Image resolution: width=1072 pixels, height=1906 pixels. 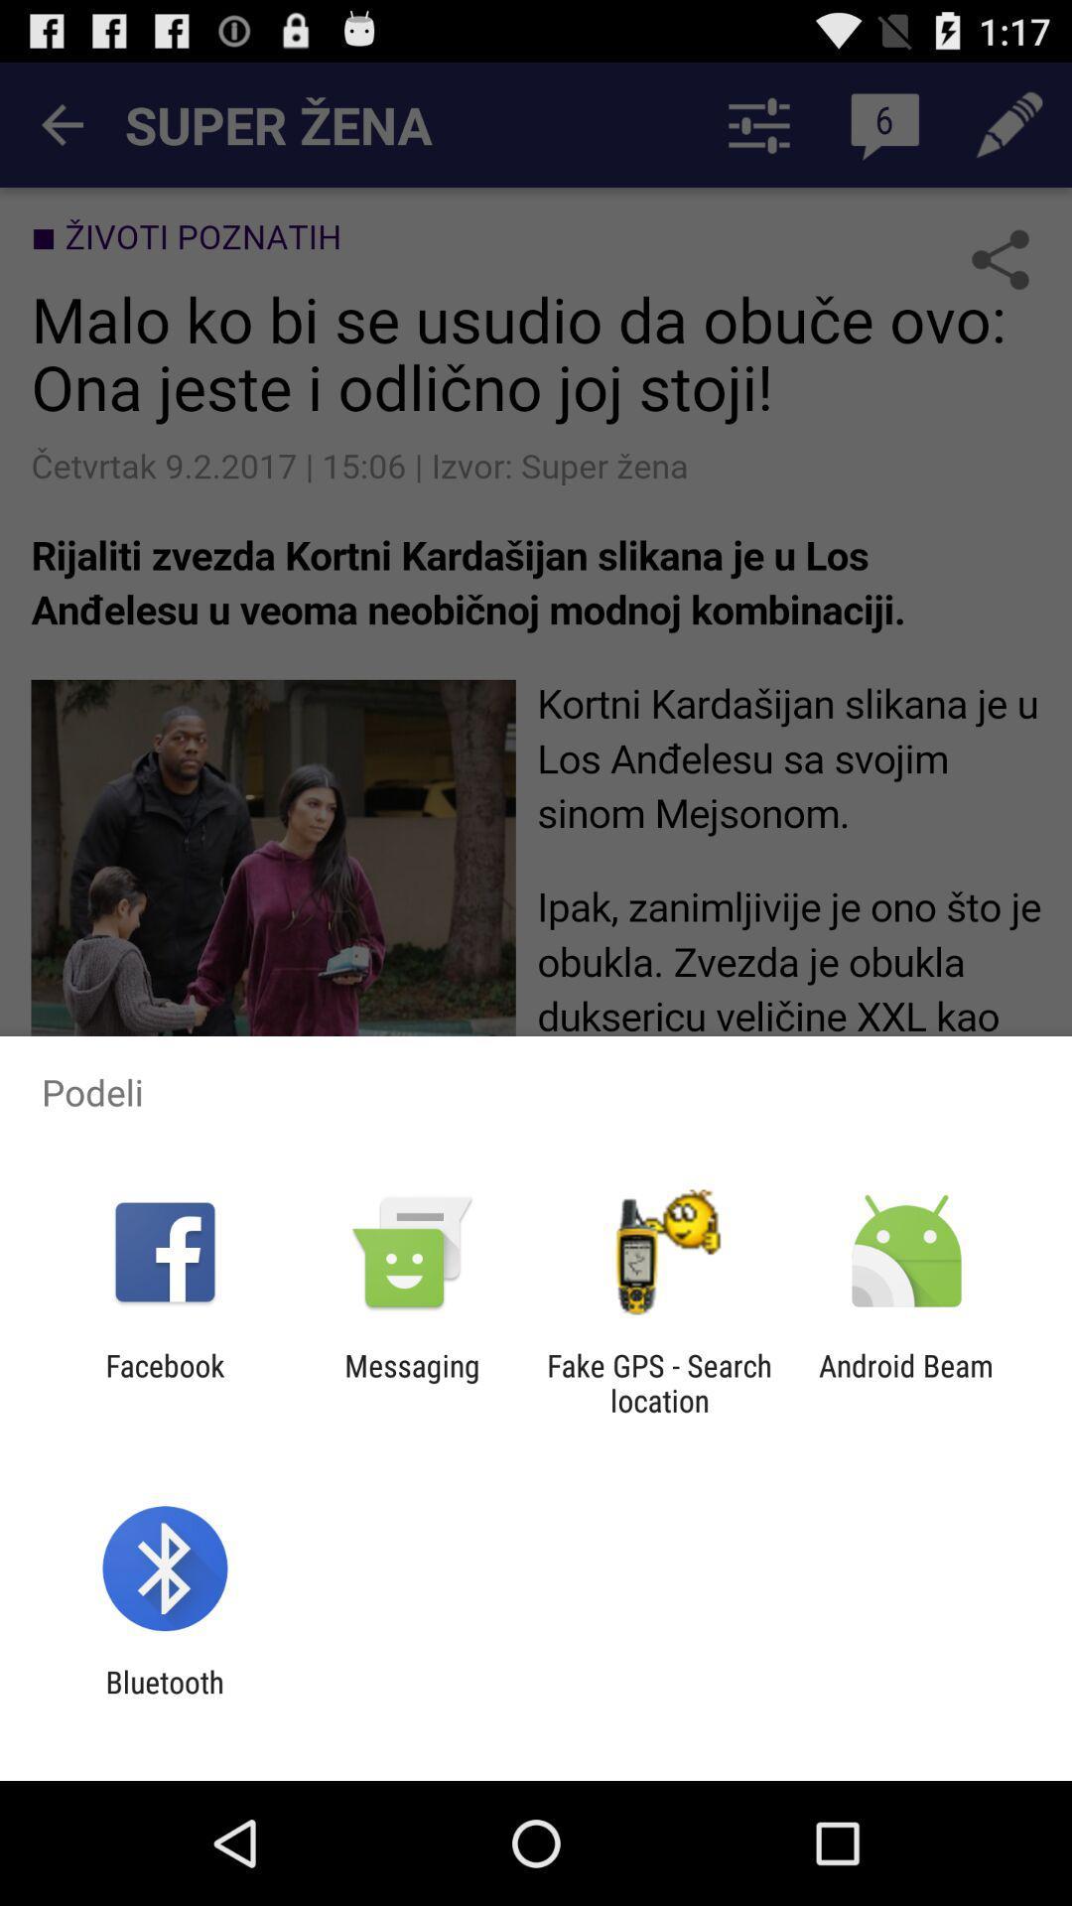 I want to click on app next to the messaging app, so click(x=659, y=1382).